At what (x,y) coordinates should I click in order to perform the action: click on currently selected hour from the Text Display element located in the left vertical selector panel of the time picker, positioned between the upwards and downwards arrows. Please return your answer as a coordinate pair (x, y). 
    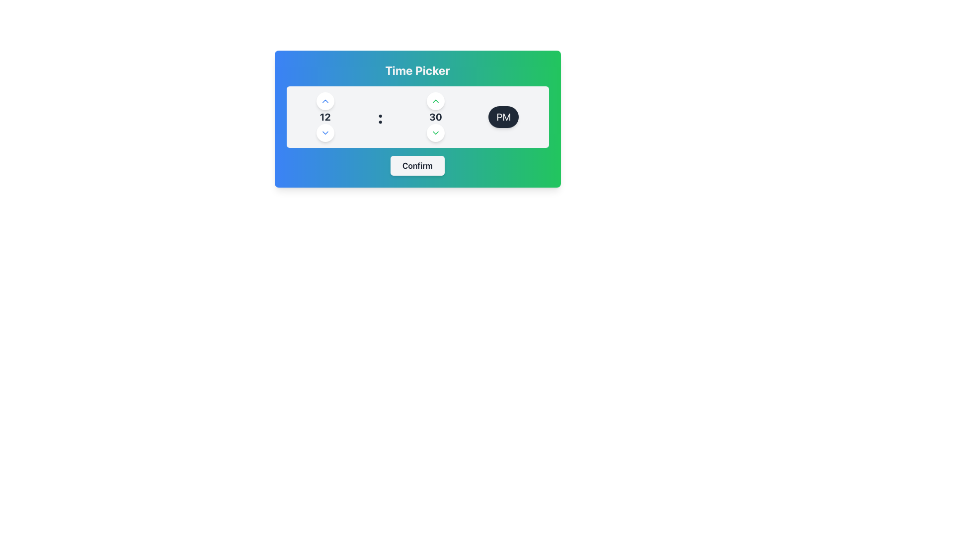
    Looking at the image, I should click on (325, 116).